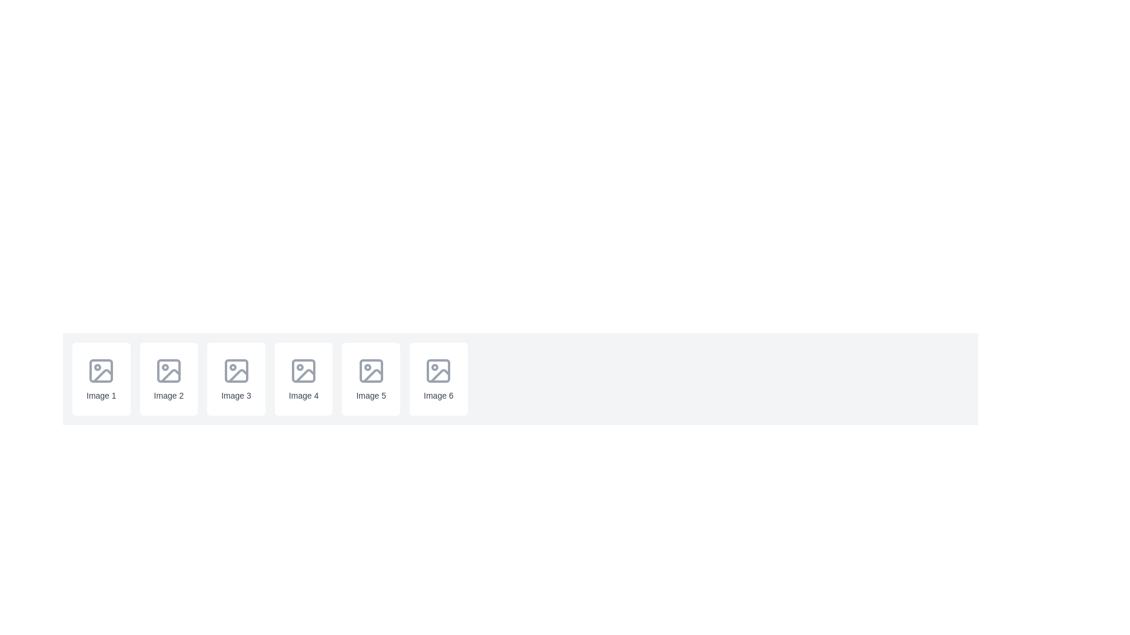 Image resolution: width=1130 pixels, height=635 pixels. I want to click on the text label that provides a description or identifier for the associated image above it, so click(101, 395).